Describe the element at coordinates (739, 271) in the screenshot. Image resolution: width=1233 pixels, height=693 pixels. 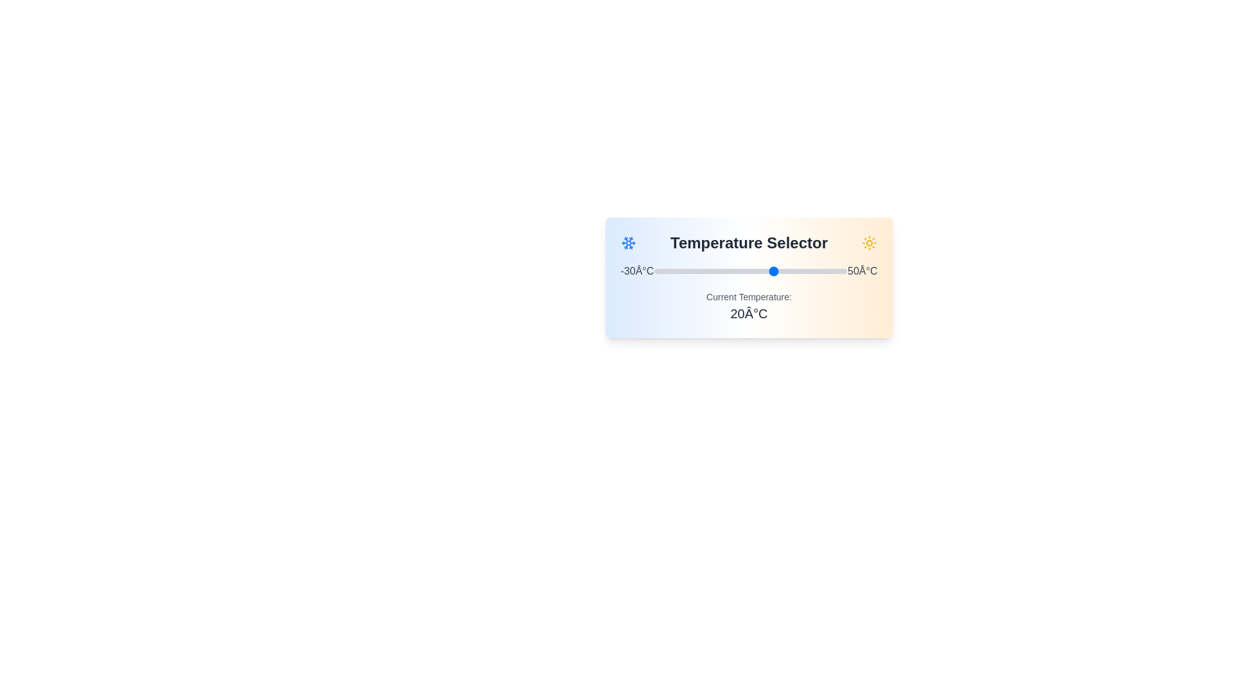
I see `the temperature` at that location.